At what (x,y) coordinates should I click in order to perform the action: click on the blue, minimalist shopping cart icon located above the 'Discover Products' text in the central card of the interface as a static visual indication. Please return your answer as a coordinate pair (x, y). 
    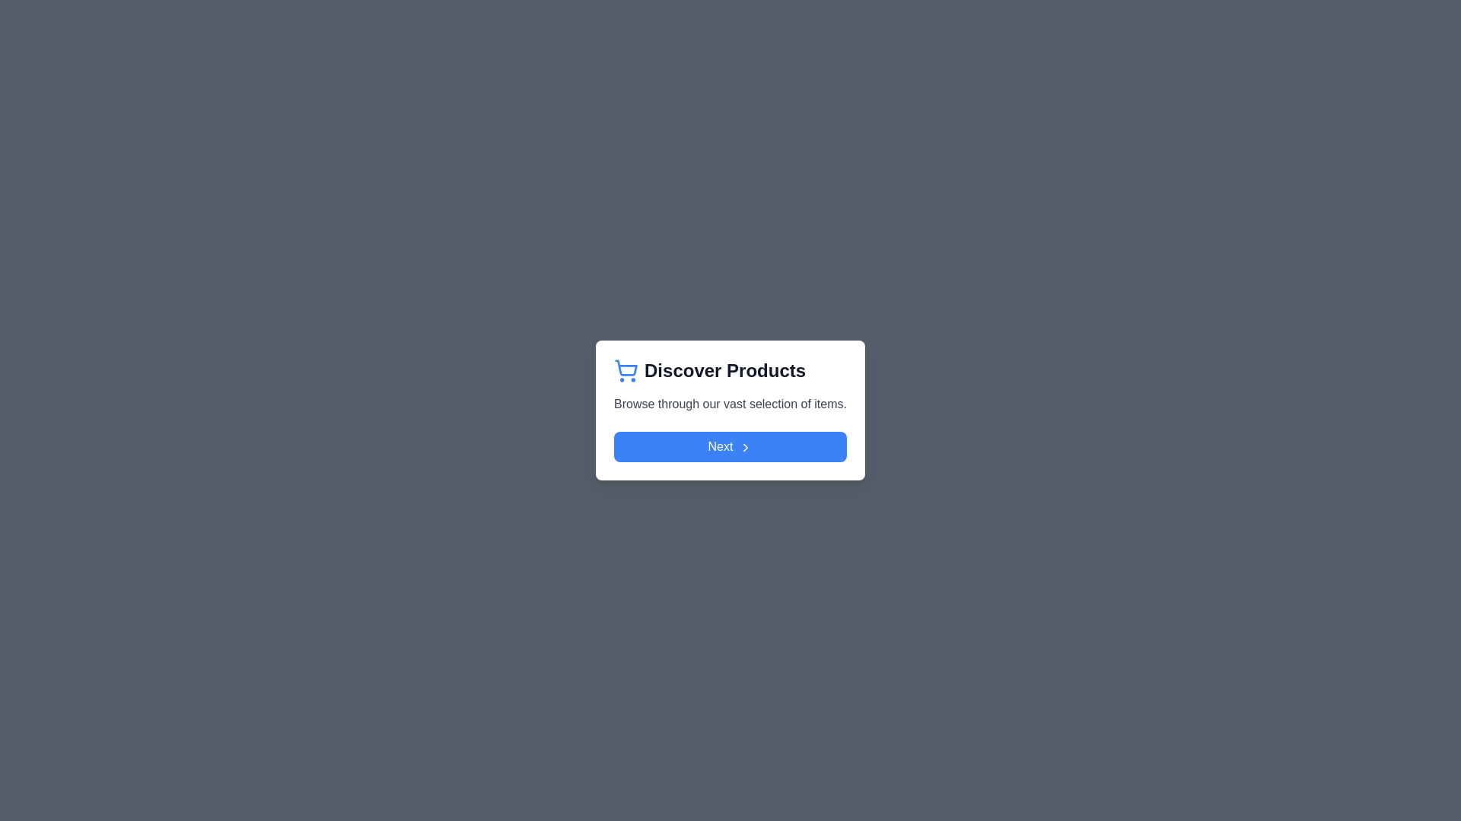
    Looking at the image, I should click on (626, 368).